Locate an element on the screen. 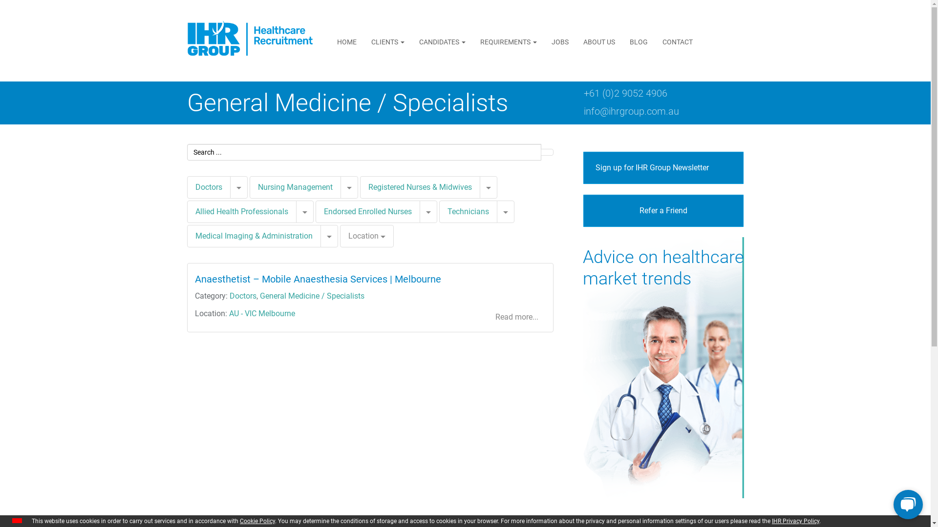 This screenshot has height=527, width=938. 'Toggle Dropdown' is located at coordinates (295, 211).